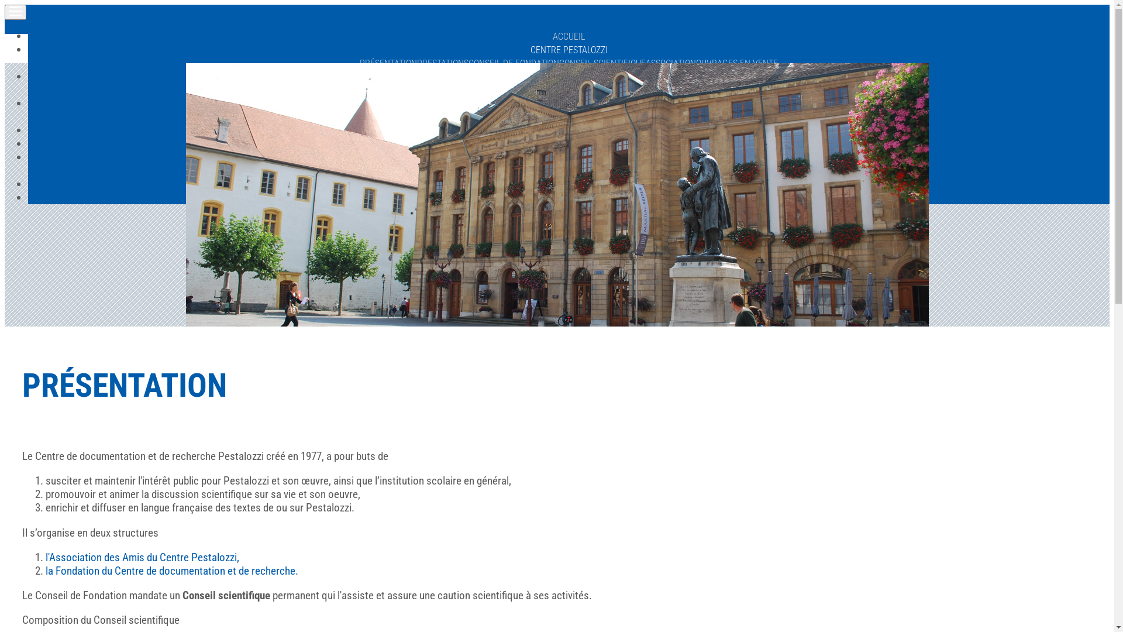  Describe the element at coordinates (442, 63) in the screenshot. I see `'PRESTATIONS'` at that location.